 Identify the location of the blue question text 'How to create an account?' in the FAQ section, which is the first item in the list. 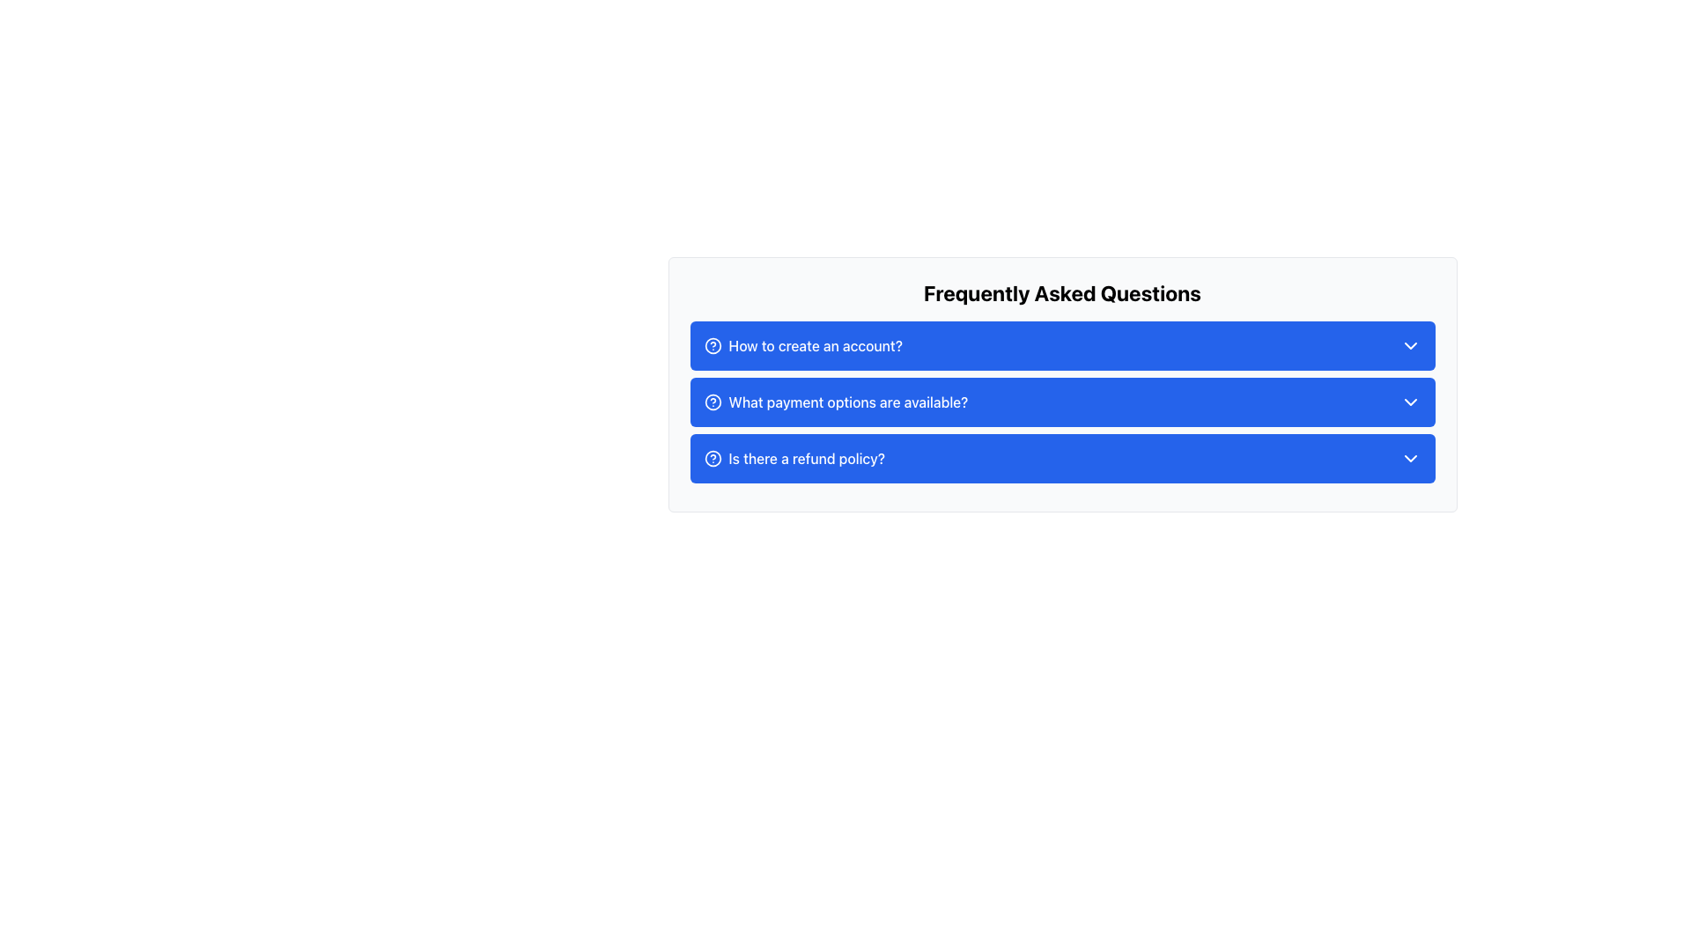
(815, 346).